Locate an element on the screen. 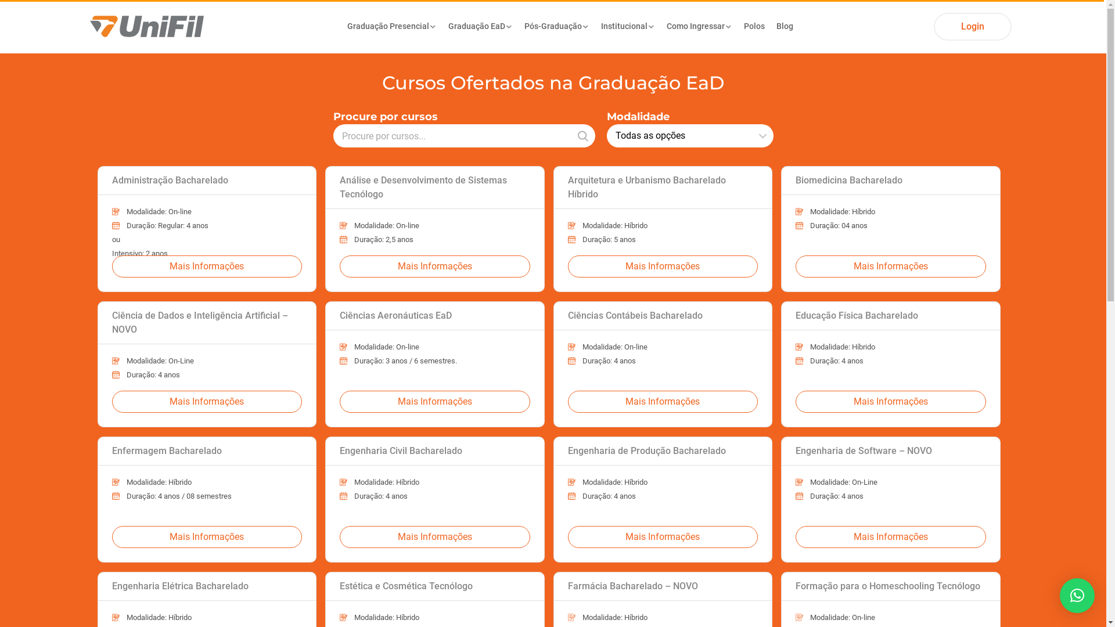  'Como Ingressar' is located at coordinates (699, 26).